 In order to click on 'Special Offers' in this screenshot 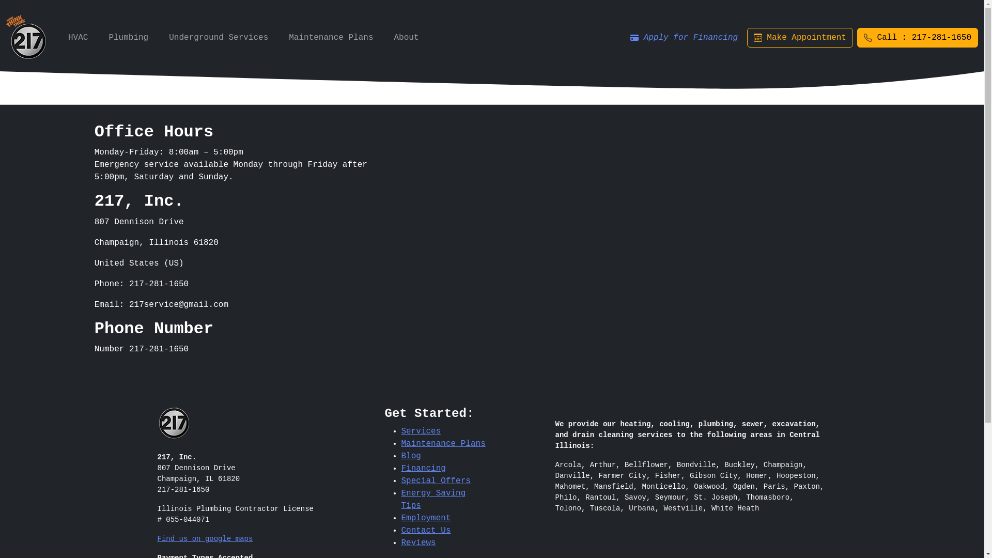, I will do `click(436, 481)`.